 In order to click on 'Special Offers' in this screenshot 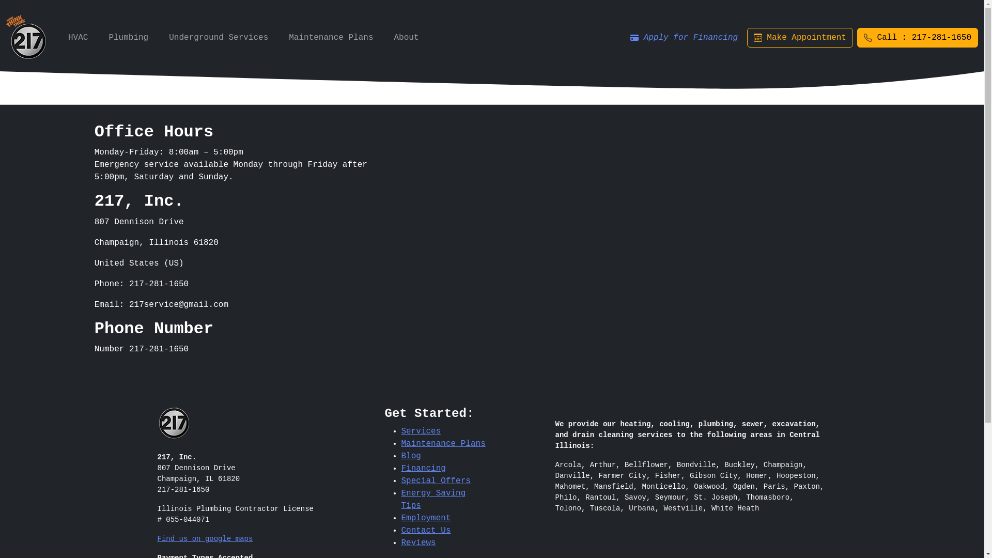, I will do `click(436, 481)`.